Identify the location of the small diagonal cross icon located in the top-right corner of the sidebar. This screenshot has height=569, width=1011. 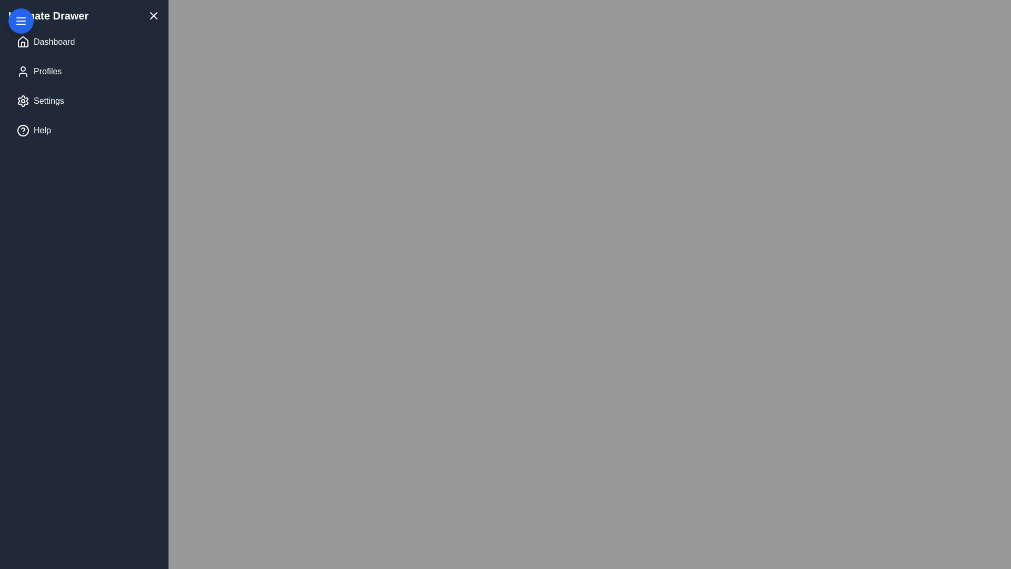
(153, 16).